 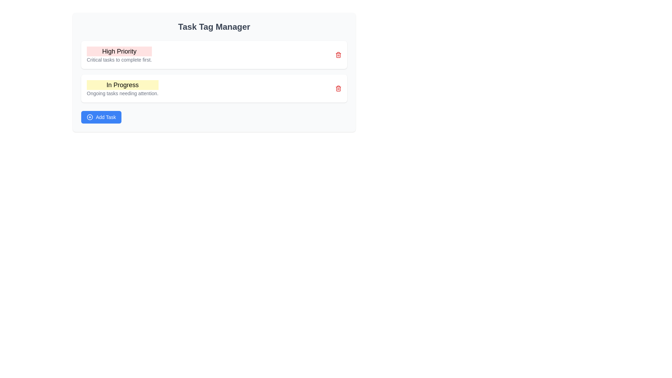 I want to click on content within the categorized task display panel titled 'High Priority' and 'In Progress', which is centrally located within the 'Task Tag Manager', so click(x=213, y=72).